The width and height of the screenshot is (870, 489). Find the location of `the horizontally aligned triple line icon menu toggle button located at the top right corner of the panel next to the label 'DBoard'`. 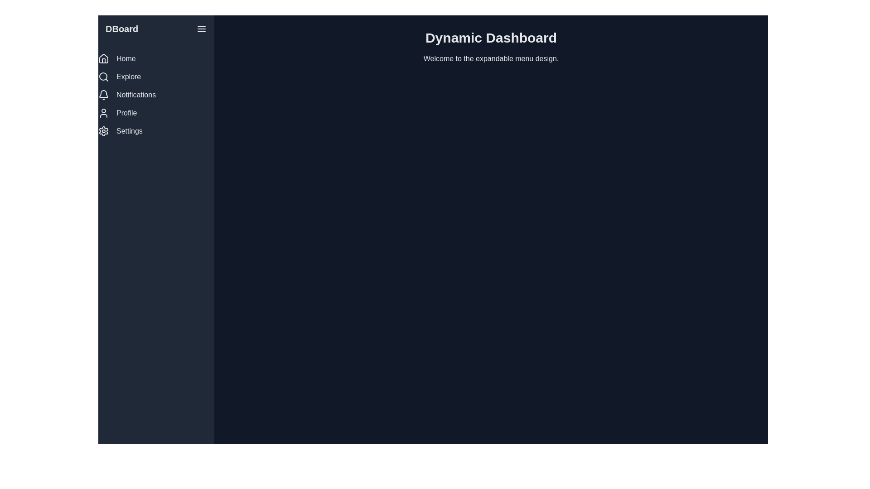

the horizontally aligned triple line icon menu toggle button located at the top right corner of the panel next to the label 'DBoard' is located at coordinates (201, 29).